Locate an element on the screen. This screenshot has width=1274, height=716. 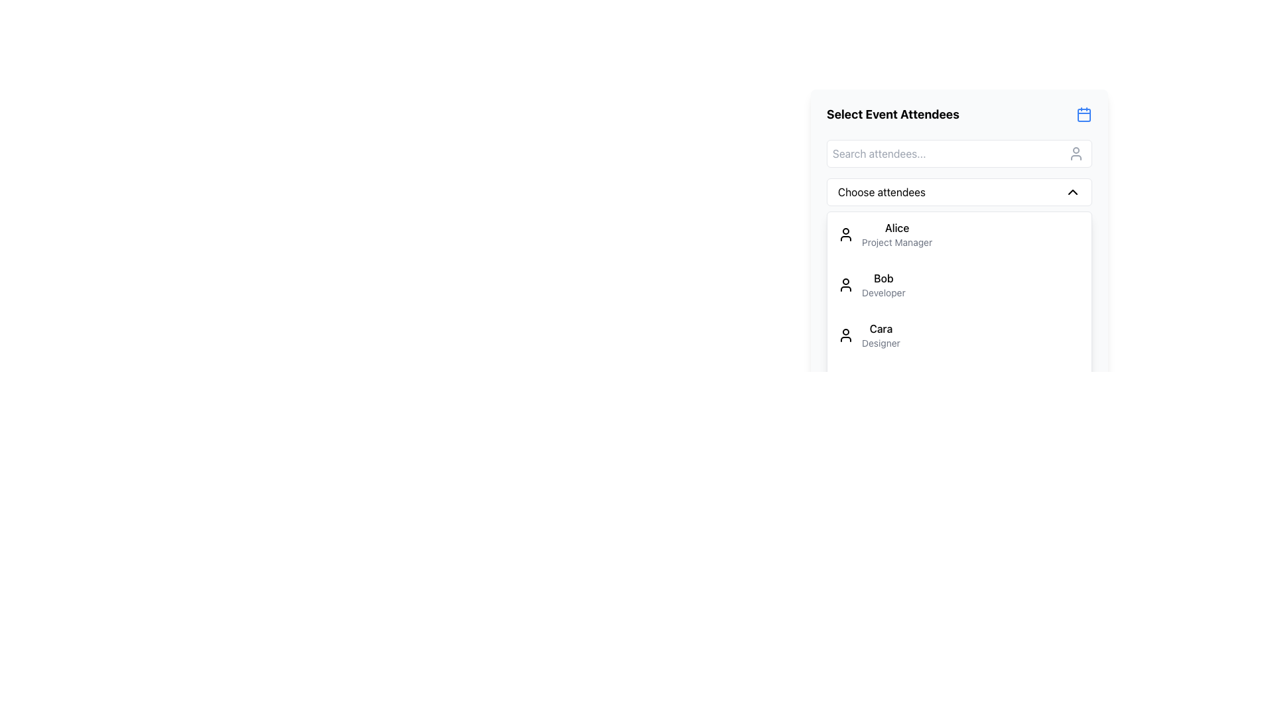
the Text Label indicating the profession 'Designer' of the attendee named 'Cara', which is positioned directly below 'Cara' in the attendee list is located at coordinates (881, 342).